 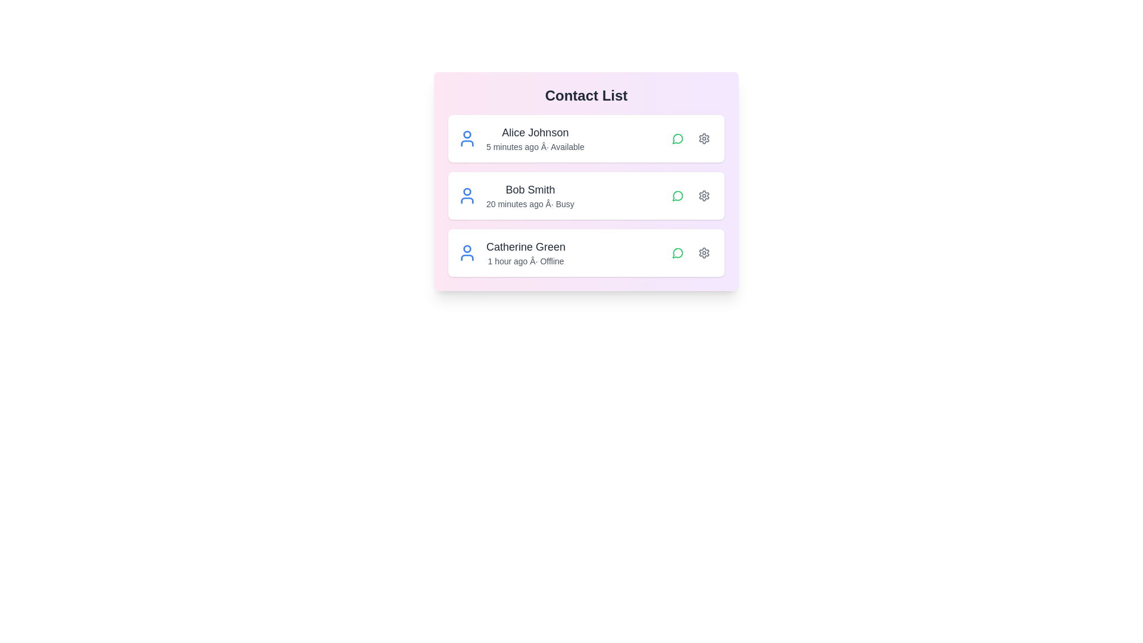 I want to click on chat icon next to the contact Alice Johnson to initiate a chat, so click(x=677, y=138).